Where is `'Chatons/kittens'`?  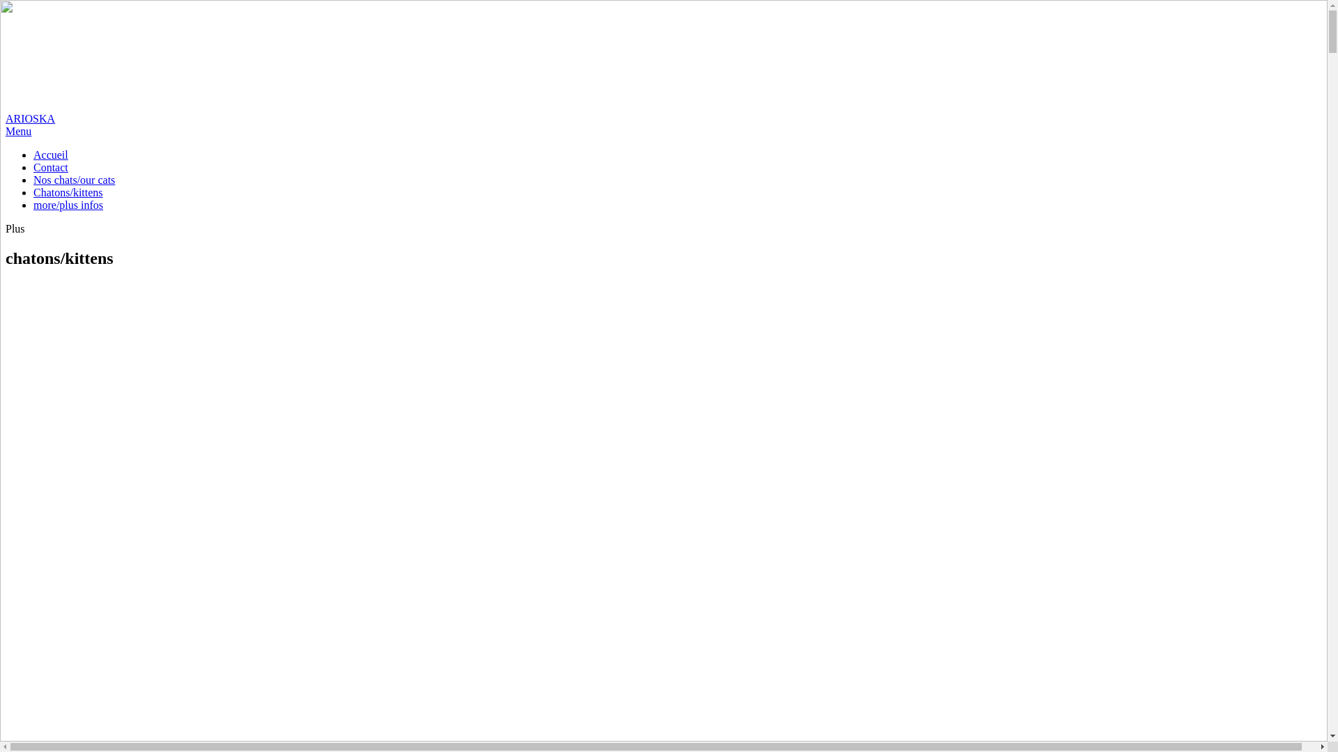
'Chatons/kittens' is located at coordinates (67, 192).